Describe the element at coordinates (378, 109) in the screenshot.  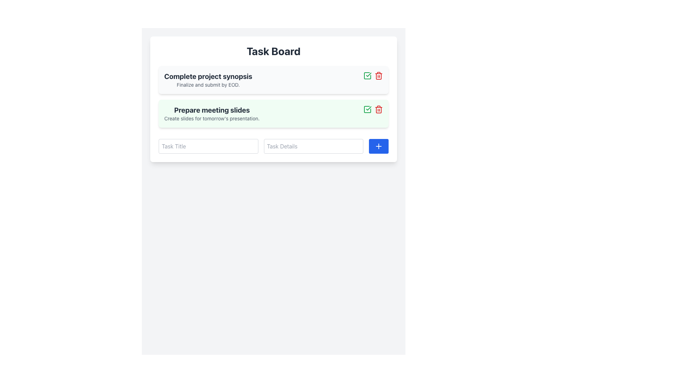
I see `the delete button associated with the second task entry on the task board` at that location.